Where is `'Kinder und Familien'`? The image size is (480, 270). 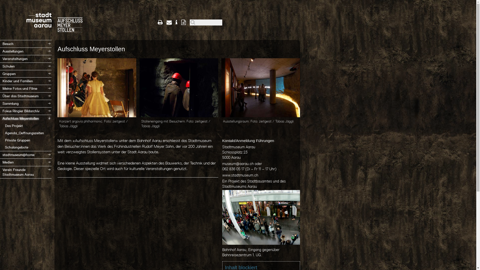 'Kinder und Familien' is located at coordinates (25, 81).